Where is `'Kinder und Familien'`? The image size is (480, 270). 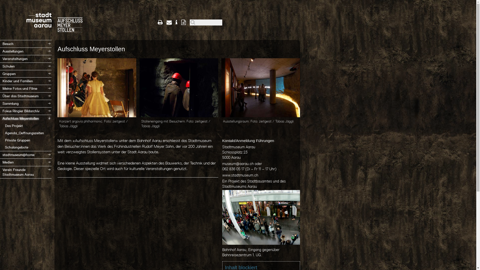 'Kinder und Familien' is located at coordinates (25, 81).